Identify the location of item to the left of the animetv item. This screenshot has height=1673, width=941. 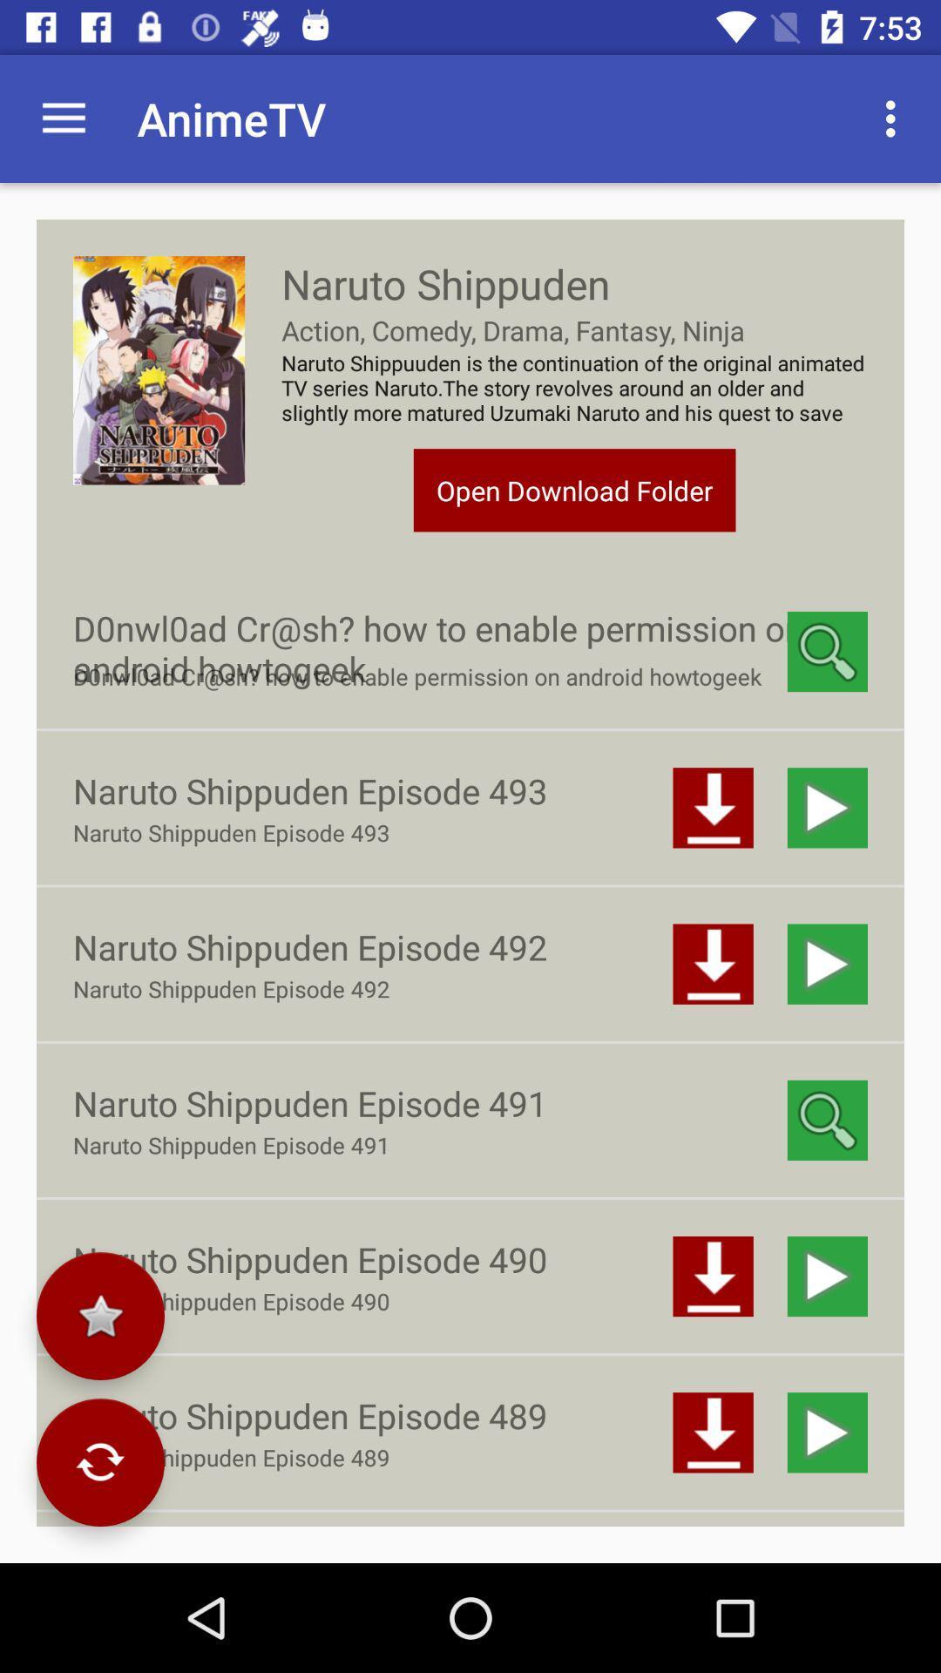
(63, 118).